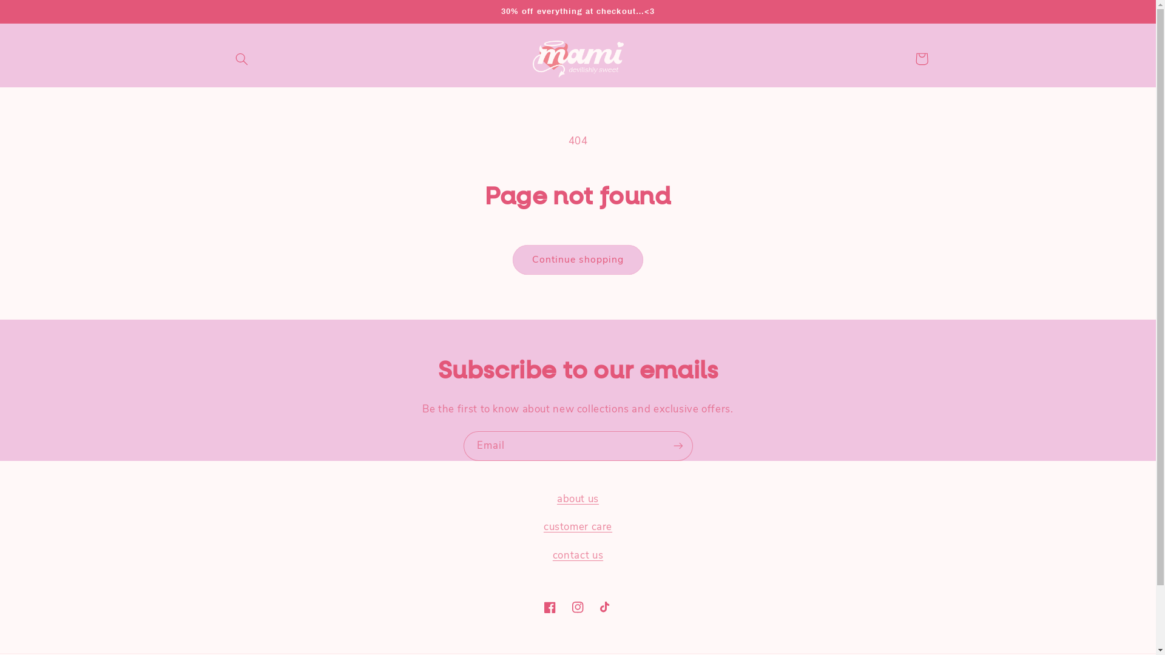 The height and width of the screenshot is (655, 1165). I want to click on 'customer care', so click(577, 526).